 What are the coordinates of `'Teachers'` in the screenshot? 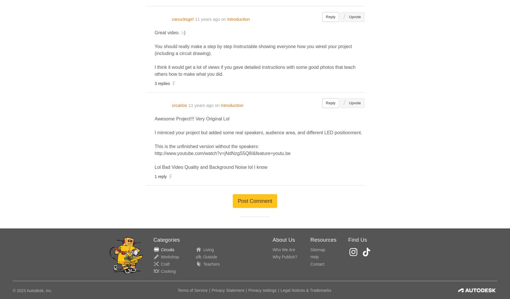 It's located at (211, 264).